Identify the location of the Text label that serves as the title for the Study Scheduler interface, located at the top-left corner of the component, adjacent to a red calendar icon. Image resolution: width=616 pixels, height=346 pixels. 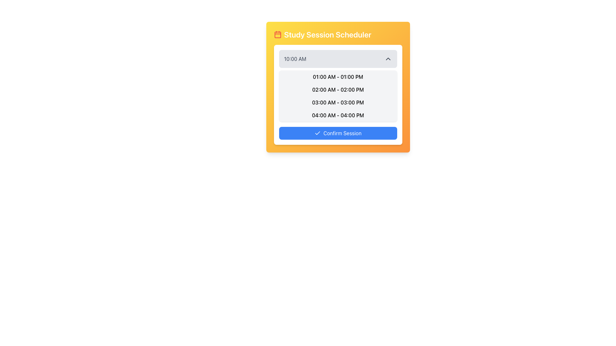
(328, 35).